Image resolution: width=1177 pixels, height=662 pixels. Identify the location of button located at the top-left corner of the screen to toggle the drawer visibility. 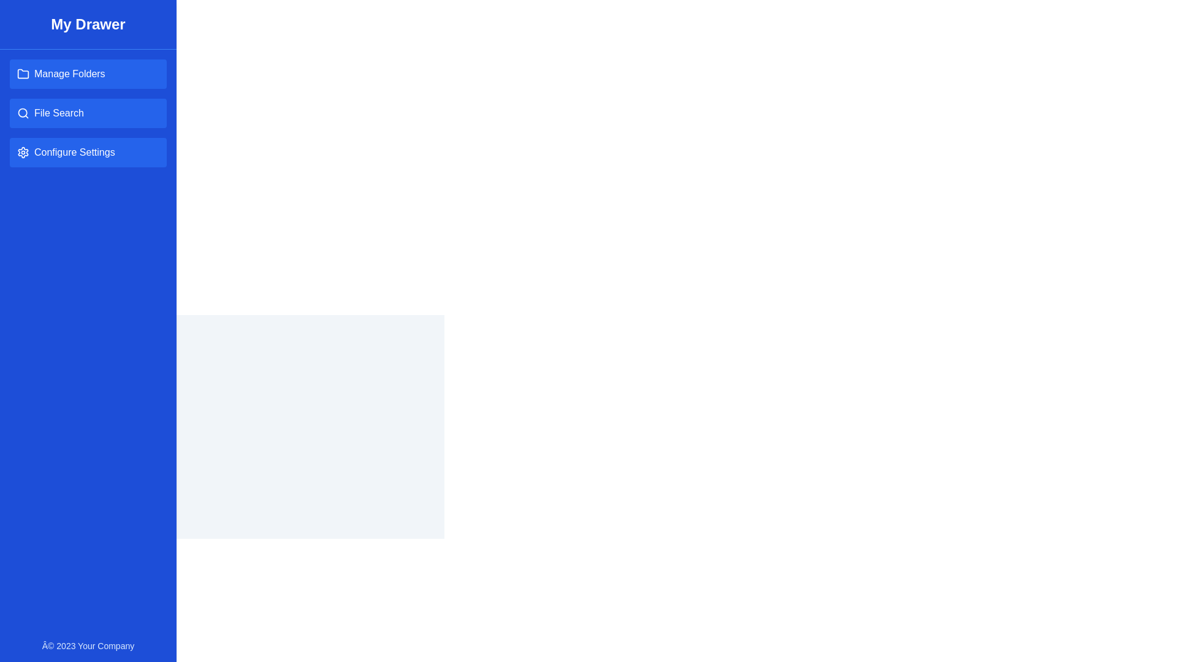
(26, 26).